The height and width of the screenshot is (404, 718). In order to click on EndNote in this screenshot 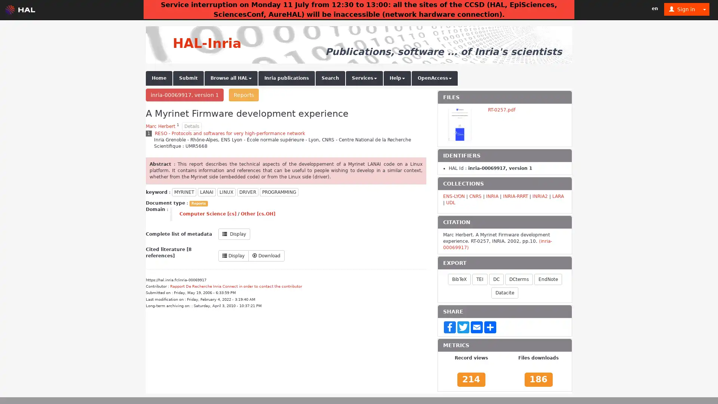, I will do `click(547, 279)`.